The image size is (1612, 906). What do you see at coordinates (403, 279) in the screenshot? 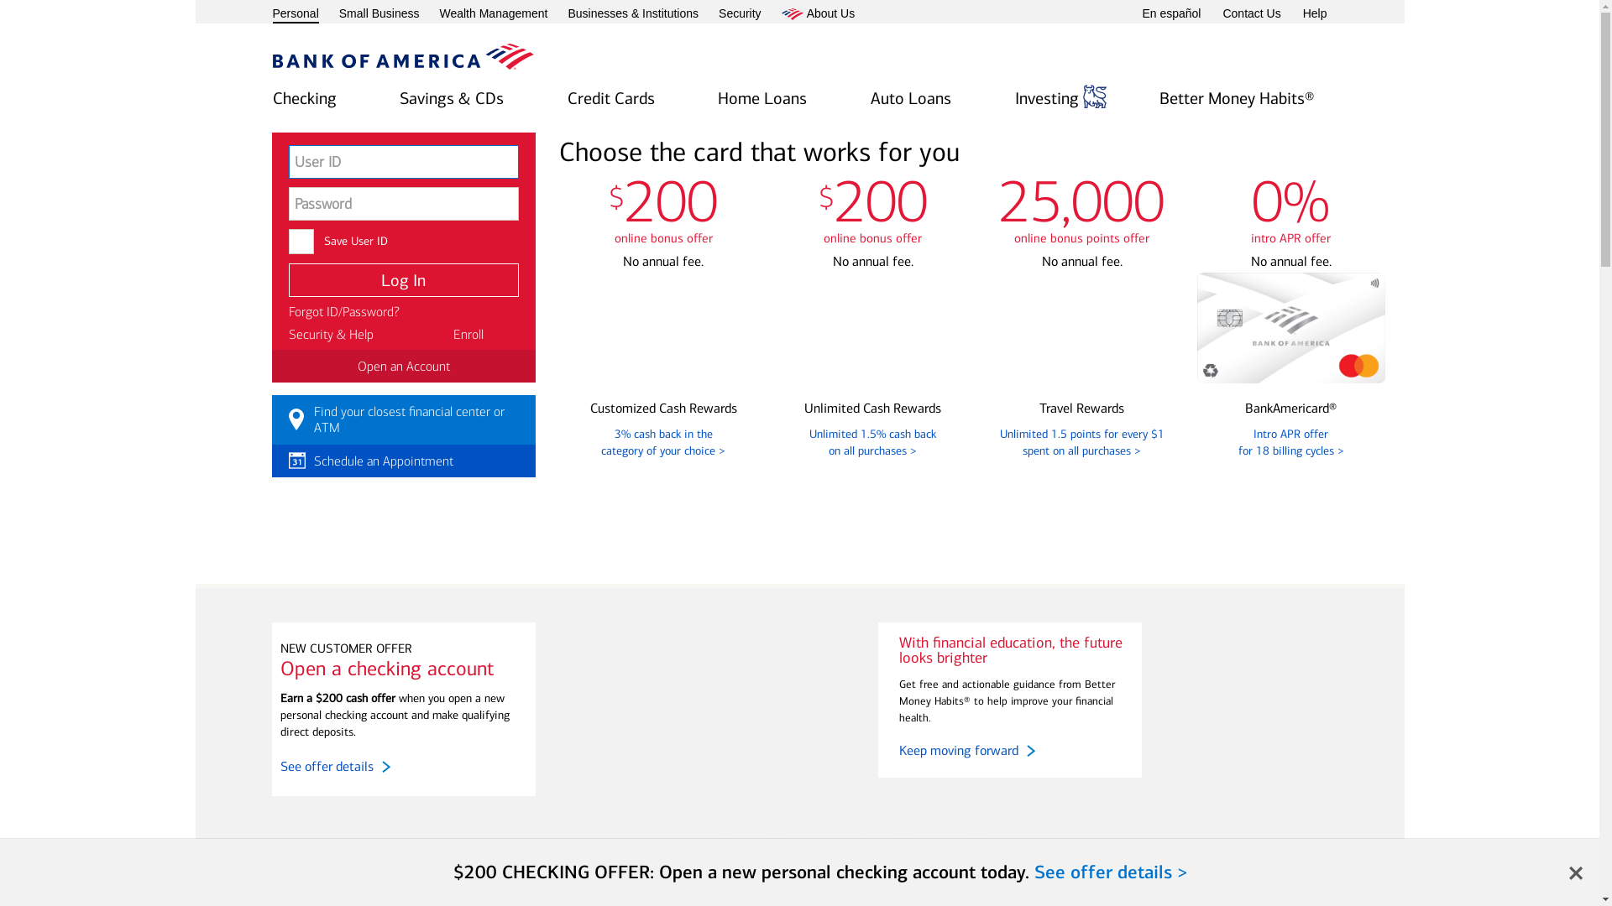
I see `'Log In'` at bounding box center [403, 279].